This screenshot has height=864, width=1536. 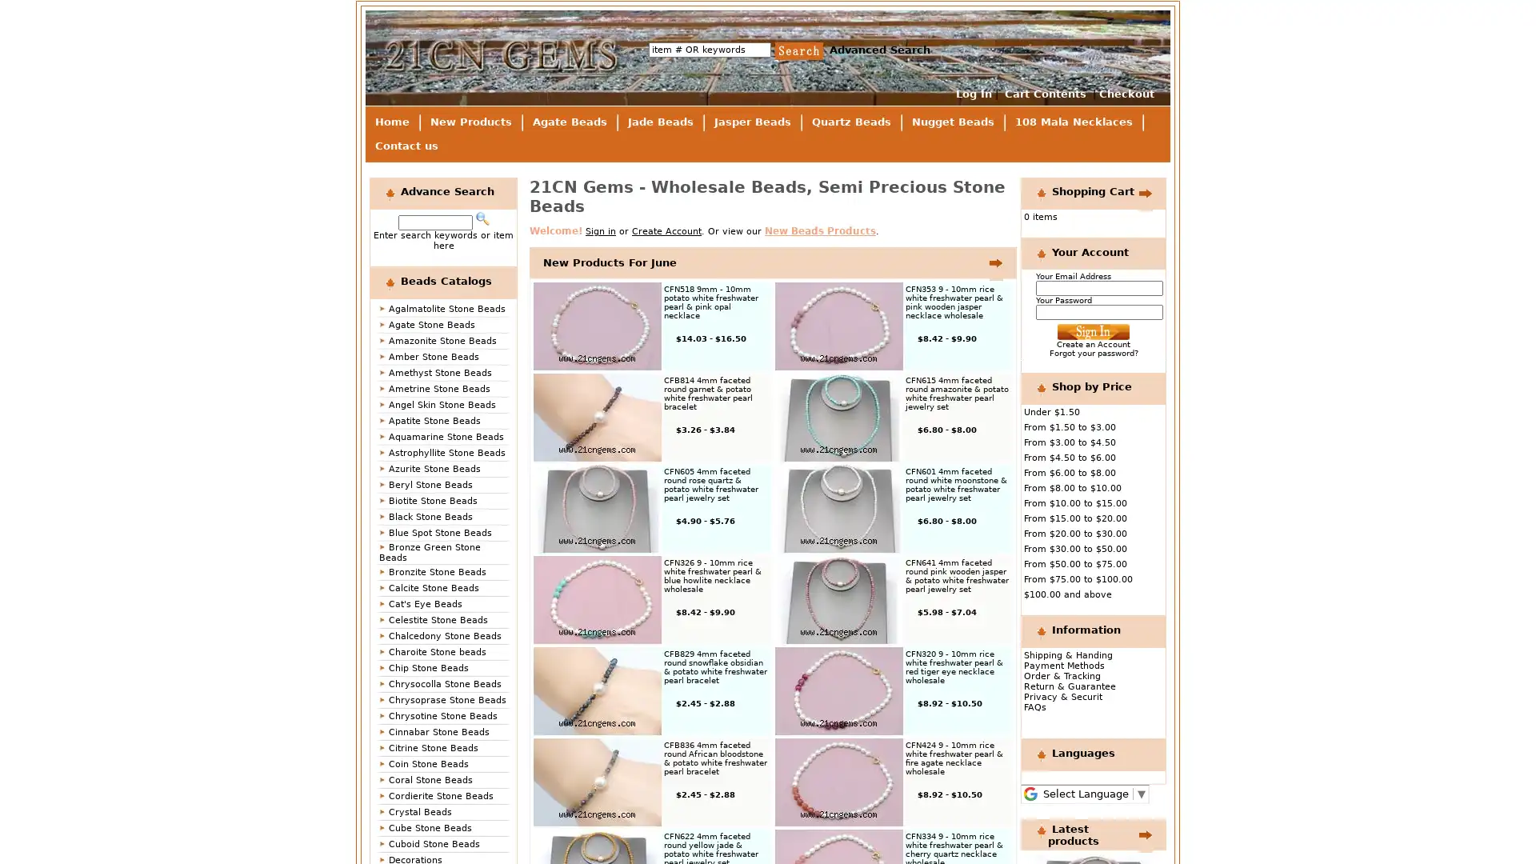 I want to click on Sign In, so click(x=1093, y=331).